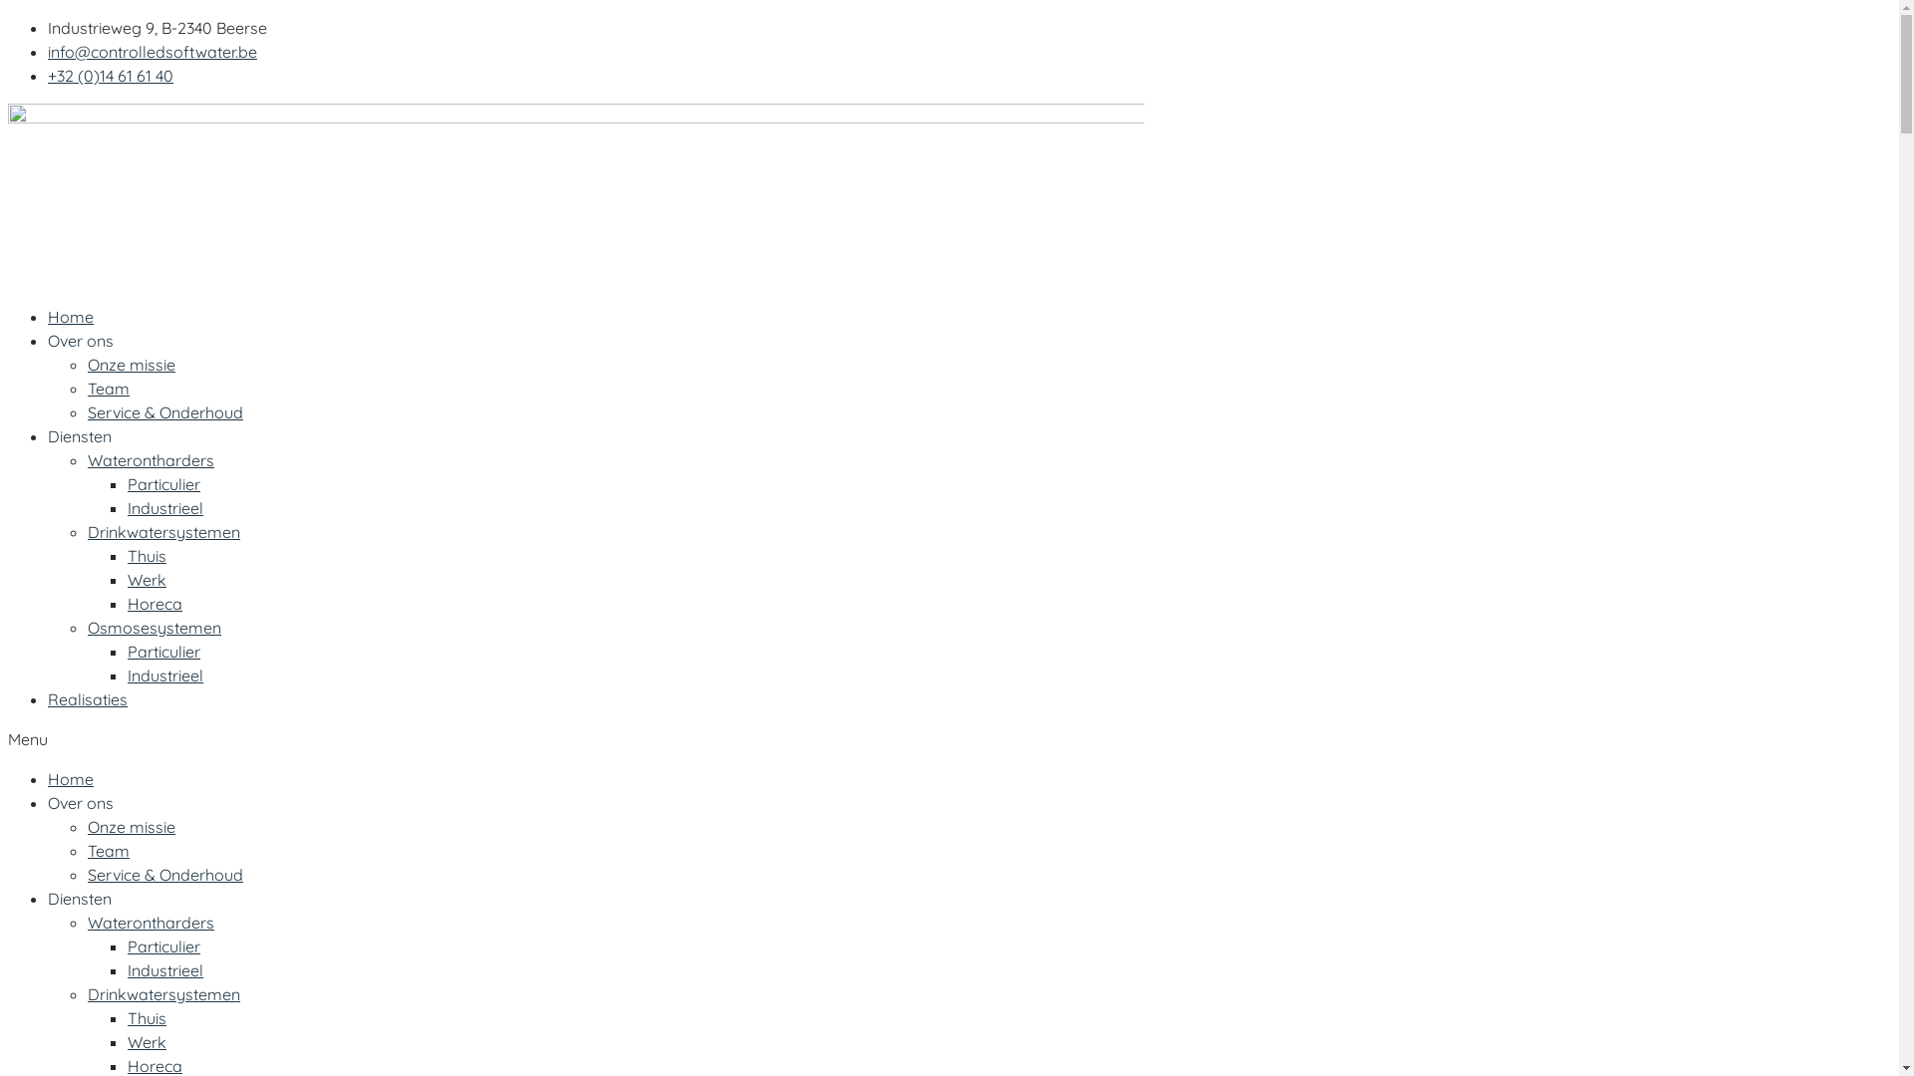 This screenshot has height=1076, width=1914. Describe the element at coordinates (86, 922) in the screenshot. I see `'Waterontharders'` at that location.